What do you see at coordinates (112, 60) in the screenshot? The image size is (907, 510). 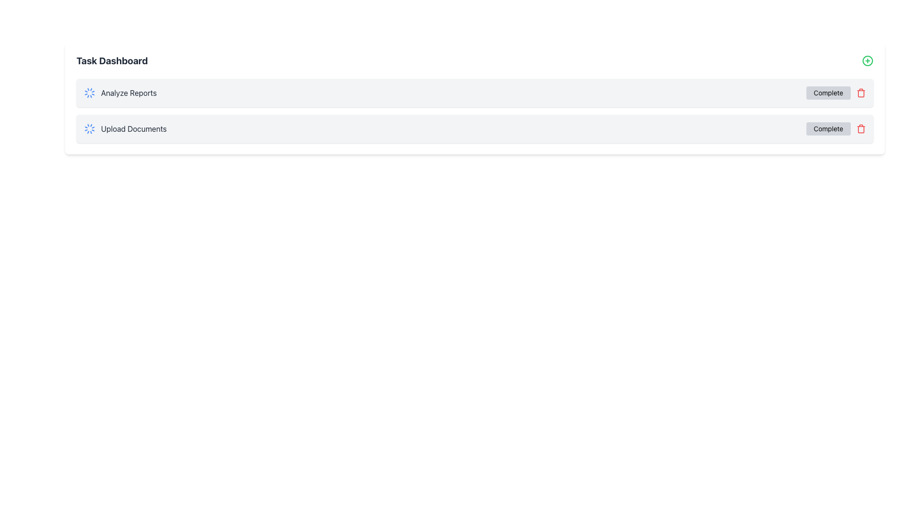 I see `the Text Label that serves as the heading or title for the task dashboard, located at the leftmost part of the layout, above elements like 'Analyze Reports' and 'Upload Documents'` at bounding box center [112, 60].